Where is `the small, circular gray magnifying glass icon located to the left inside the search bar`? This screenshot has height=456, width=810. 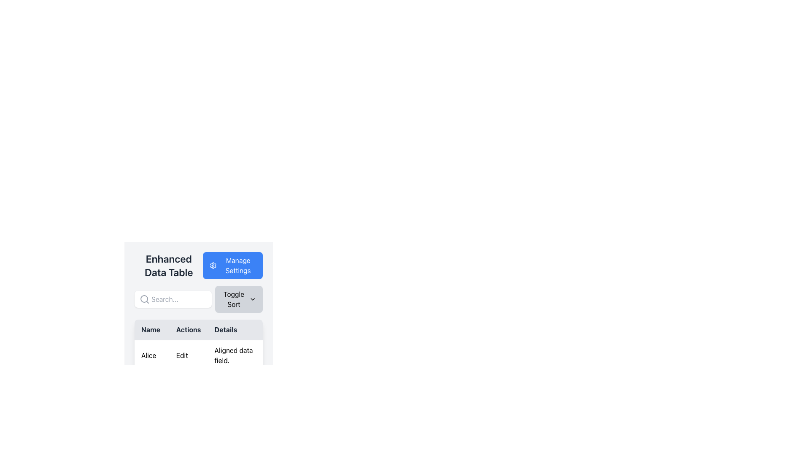
the small, circular gray magnifying glass icon located to the left inside the search bar is located at coordinates (144, 299).